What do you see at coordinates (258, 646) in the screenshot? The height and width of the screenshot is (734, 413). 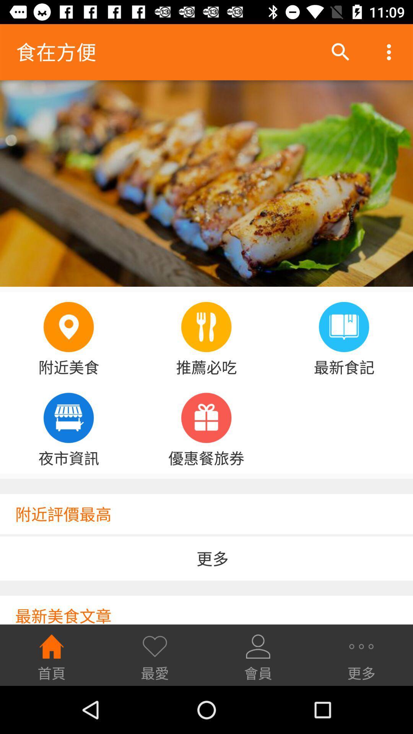 I see `the third icon from the bottom row of icons` at bounding box center [258, 646].